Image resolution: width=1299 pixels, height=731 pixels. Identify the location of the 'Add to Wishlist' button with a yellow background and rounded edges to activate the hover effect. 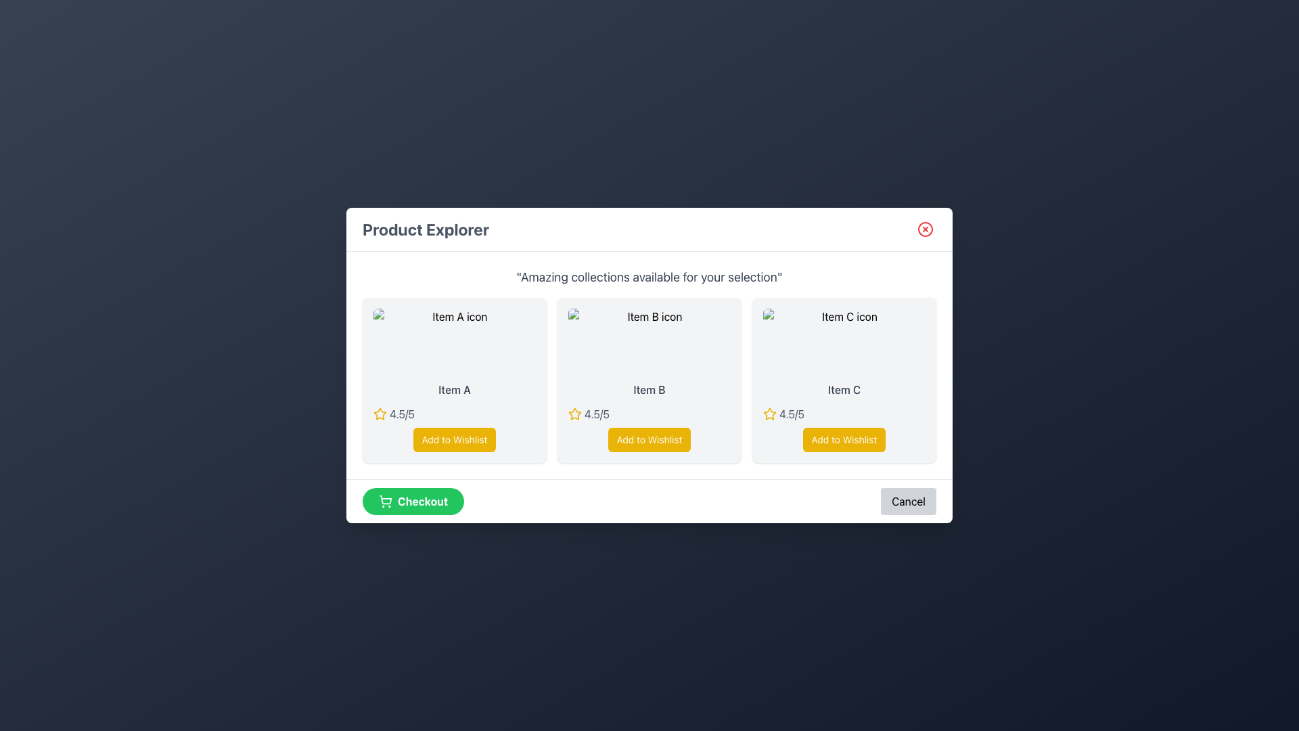
(649, 440).